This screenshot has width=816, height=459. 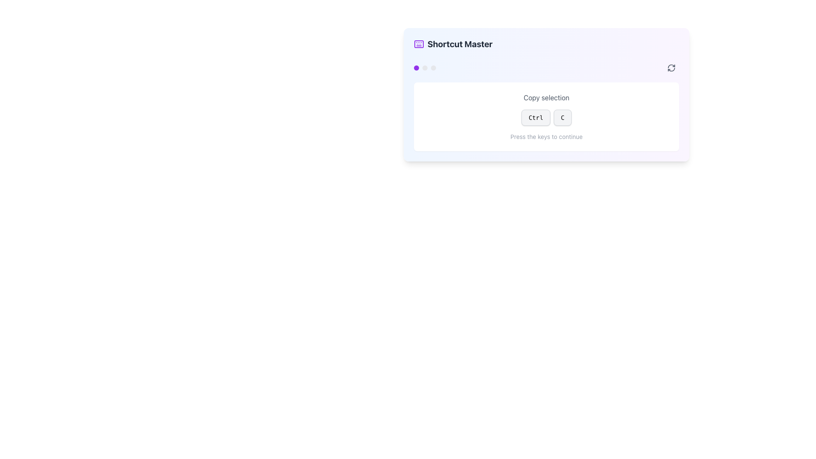 I want to click on the Navigation bar at the top of the module, so click(x=547, y=67).